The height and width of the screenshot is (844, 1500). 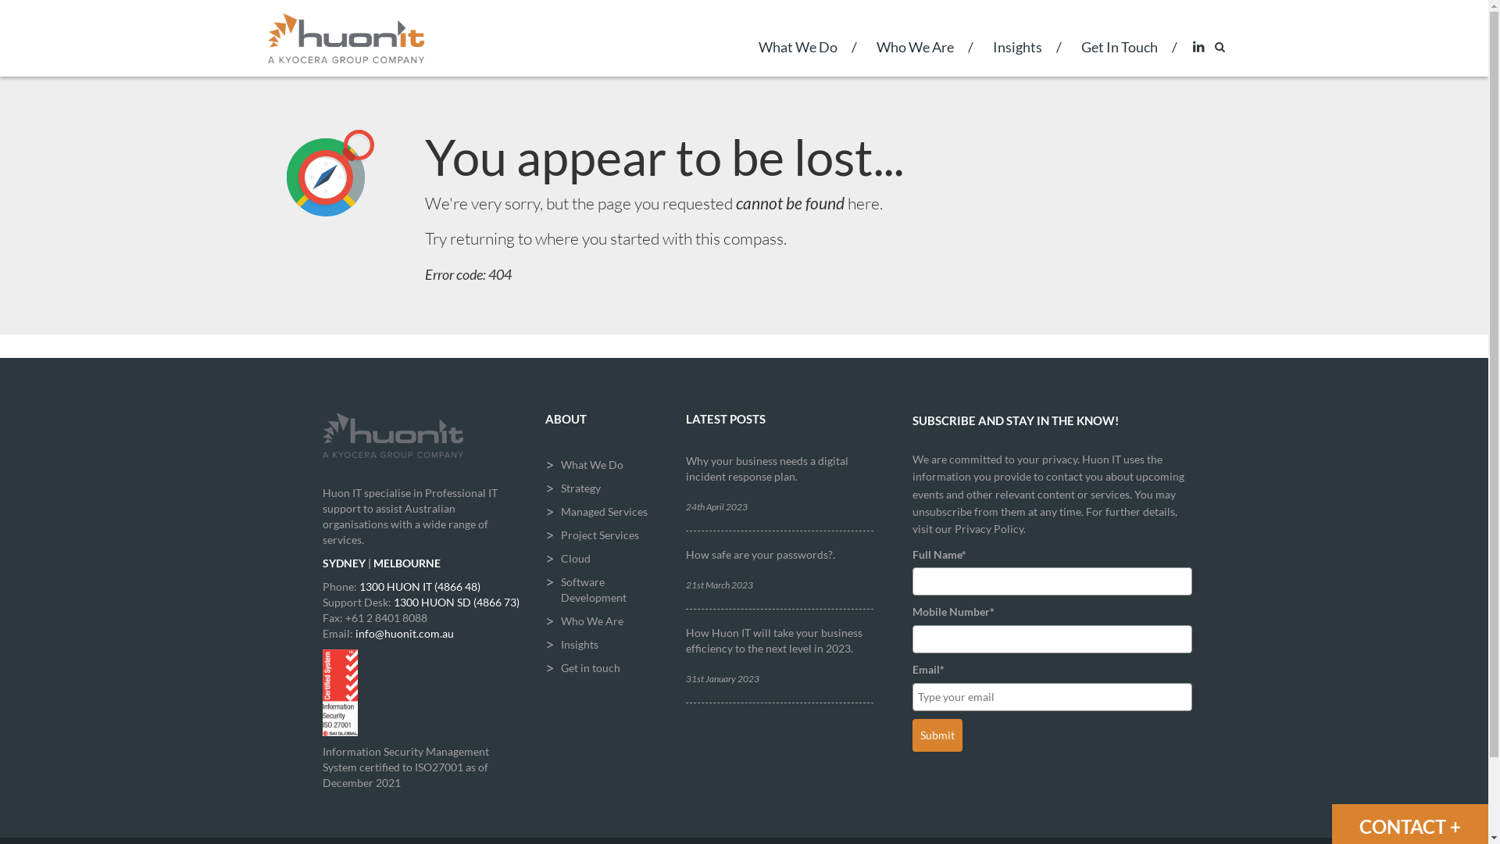 What do you see at coordinates (912, 735) in the screenshot?
I see `'Submit'` at bounding box center [912, 735].